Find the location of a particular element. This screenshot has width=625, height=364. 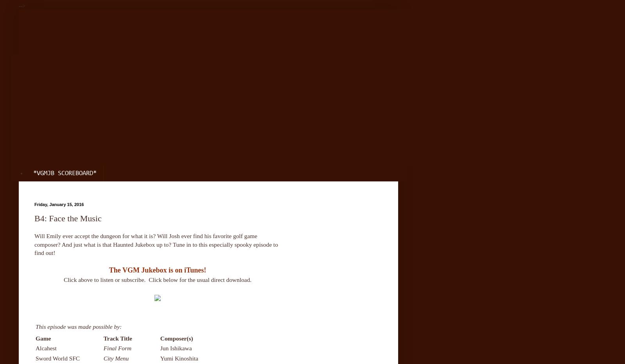

'Click above to listen or subscribe.  Click below for the usual direct download.' is located at coordinates (158, 279).